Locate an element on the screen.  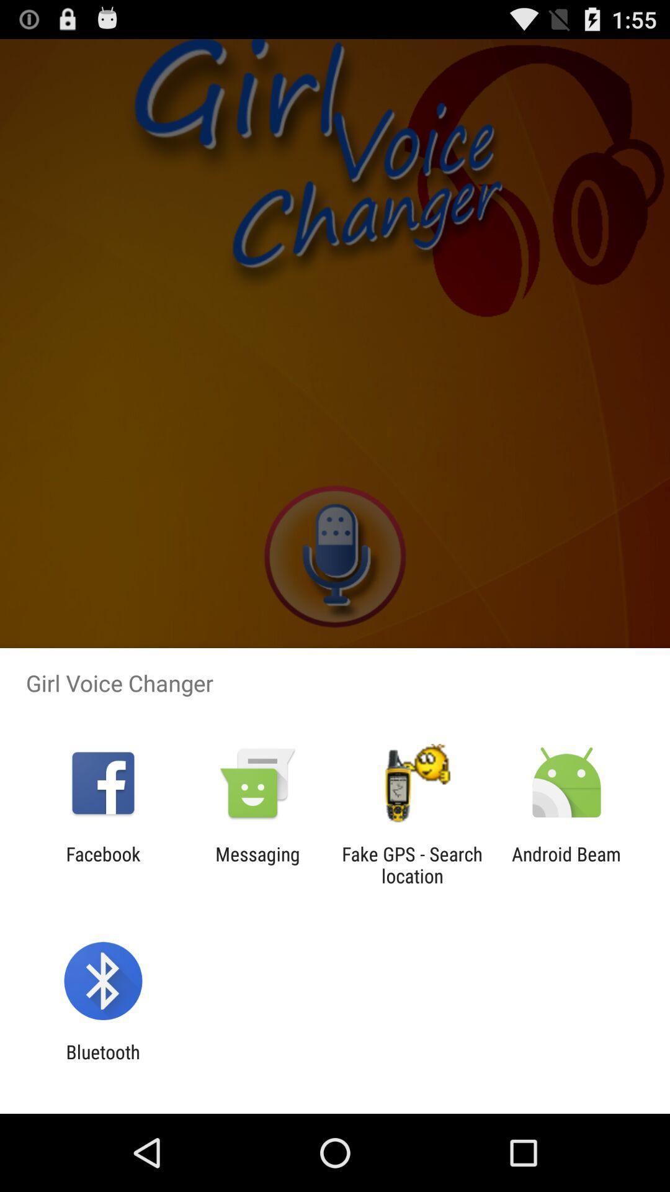
bluetooth is located at coordinates (102, 1062).